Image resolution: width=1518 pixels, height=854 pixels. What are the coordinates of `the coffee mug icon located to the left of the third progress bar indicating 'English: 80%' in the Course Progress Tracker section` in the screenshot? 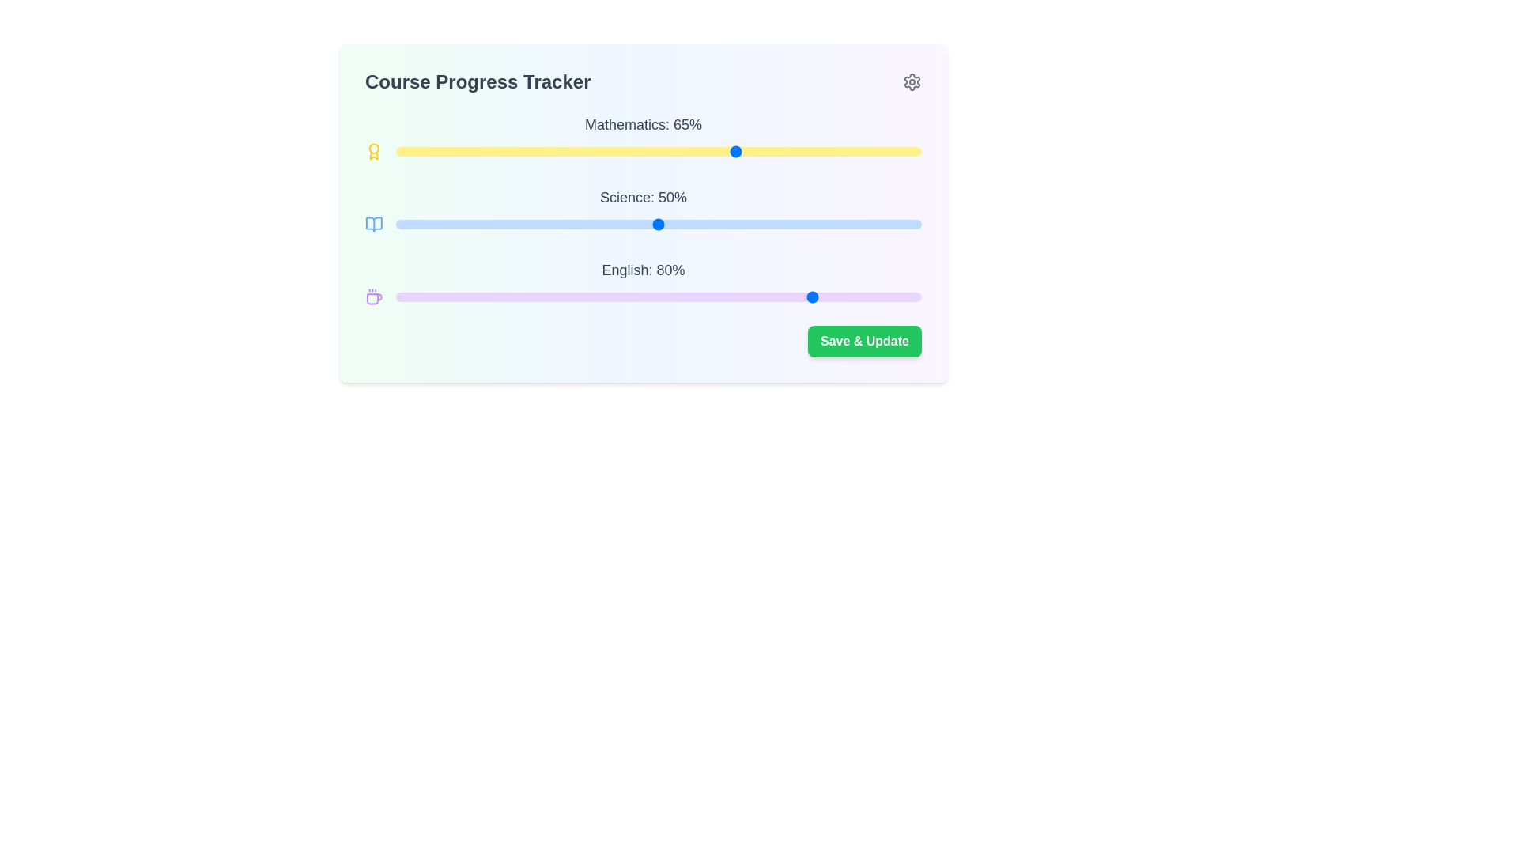 It's located at (373, 299).